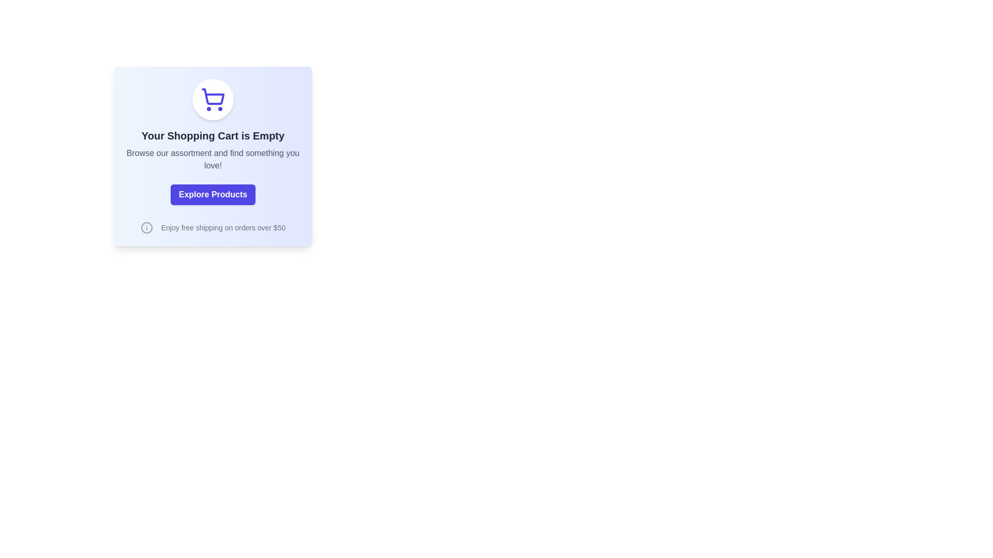 This screenshot has height=558, width=993. What do you see at coordinates (213, 99) in the screenshot?
I see `the shopping cart icon located at the top left of the interface` at bounding box center [213, 99].